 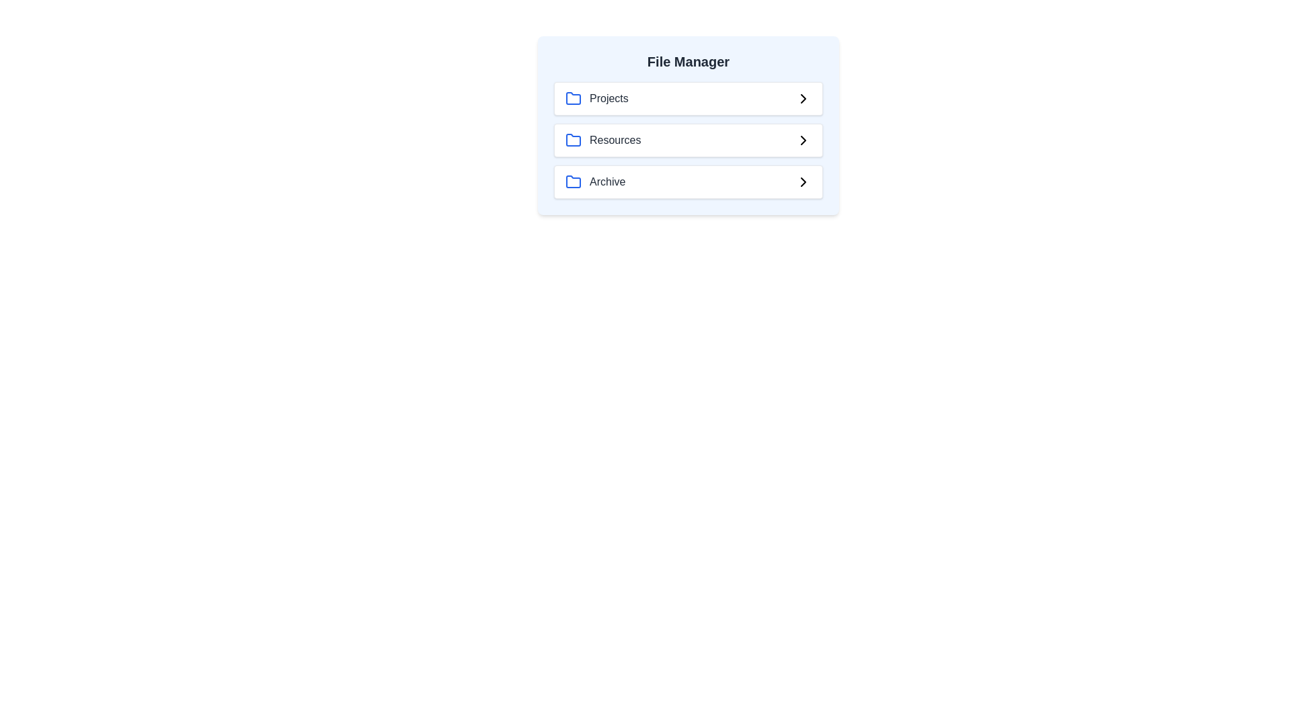 What do you see at coordinates (804, 140) in the screenshot?
I see `the Right Arrow icon located on the far right of the 'Resources' row, which indicates that the row is actionable` at bounding box center [804, 140].